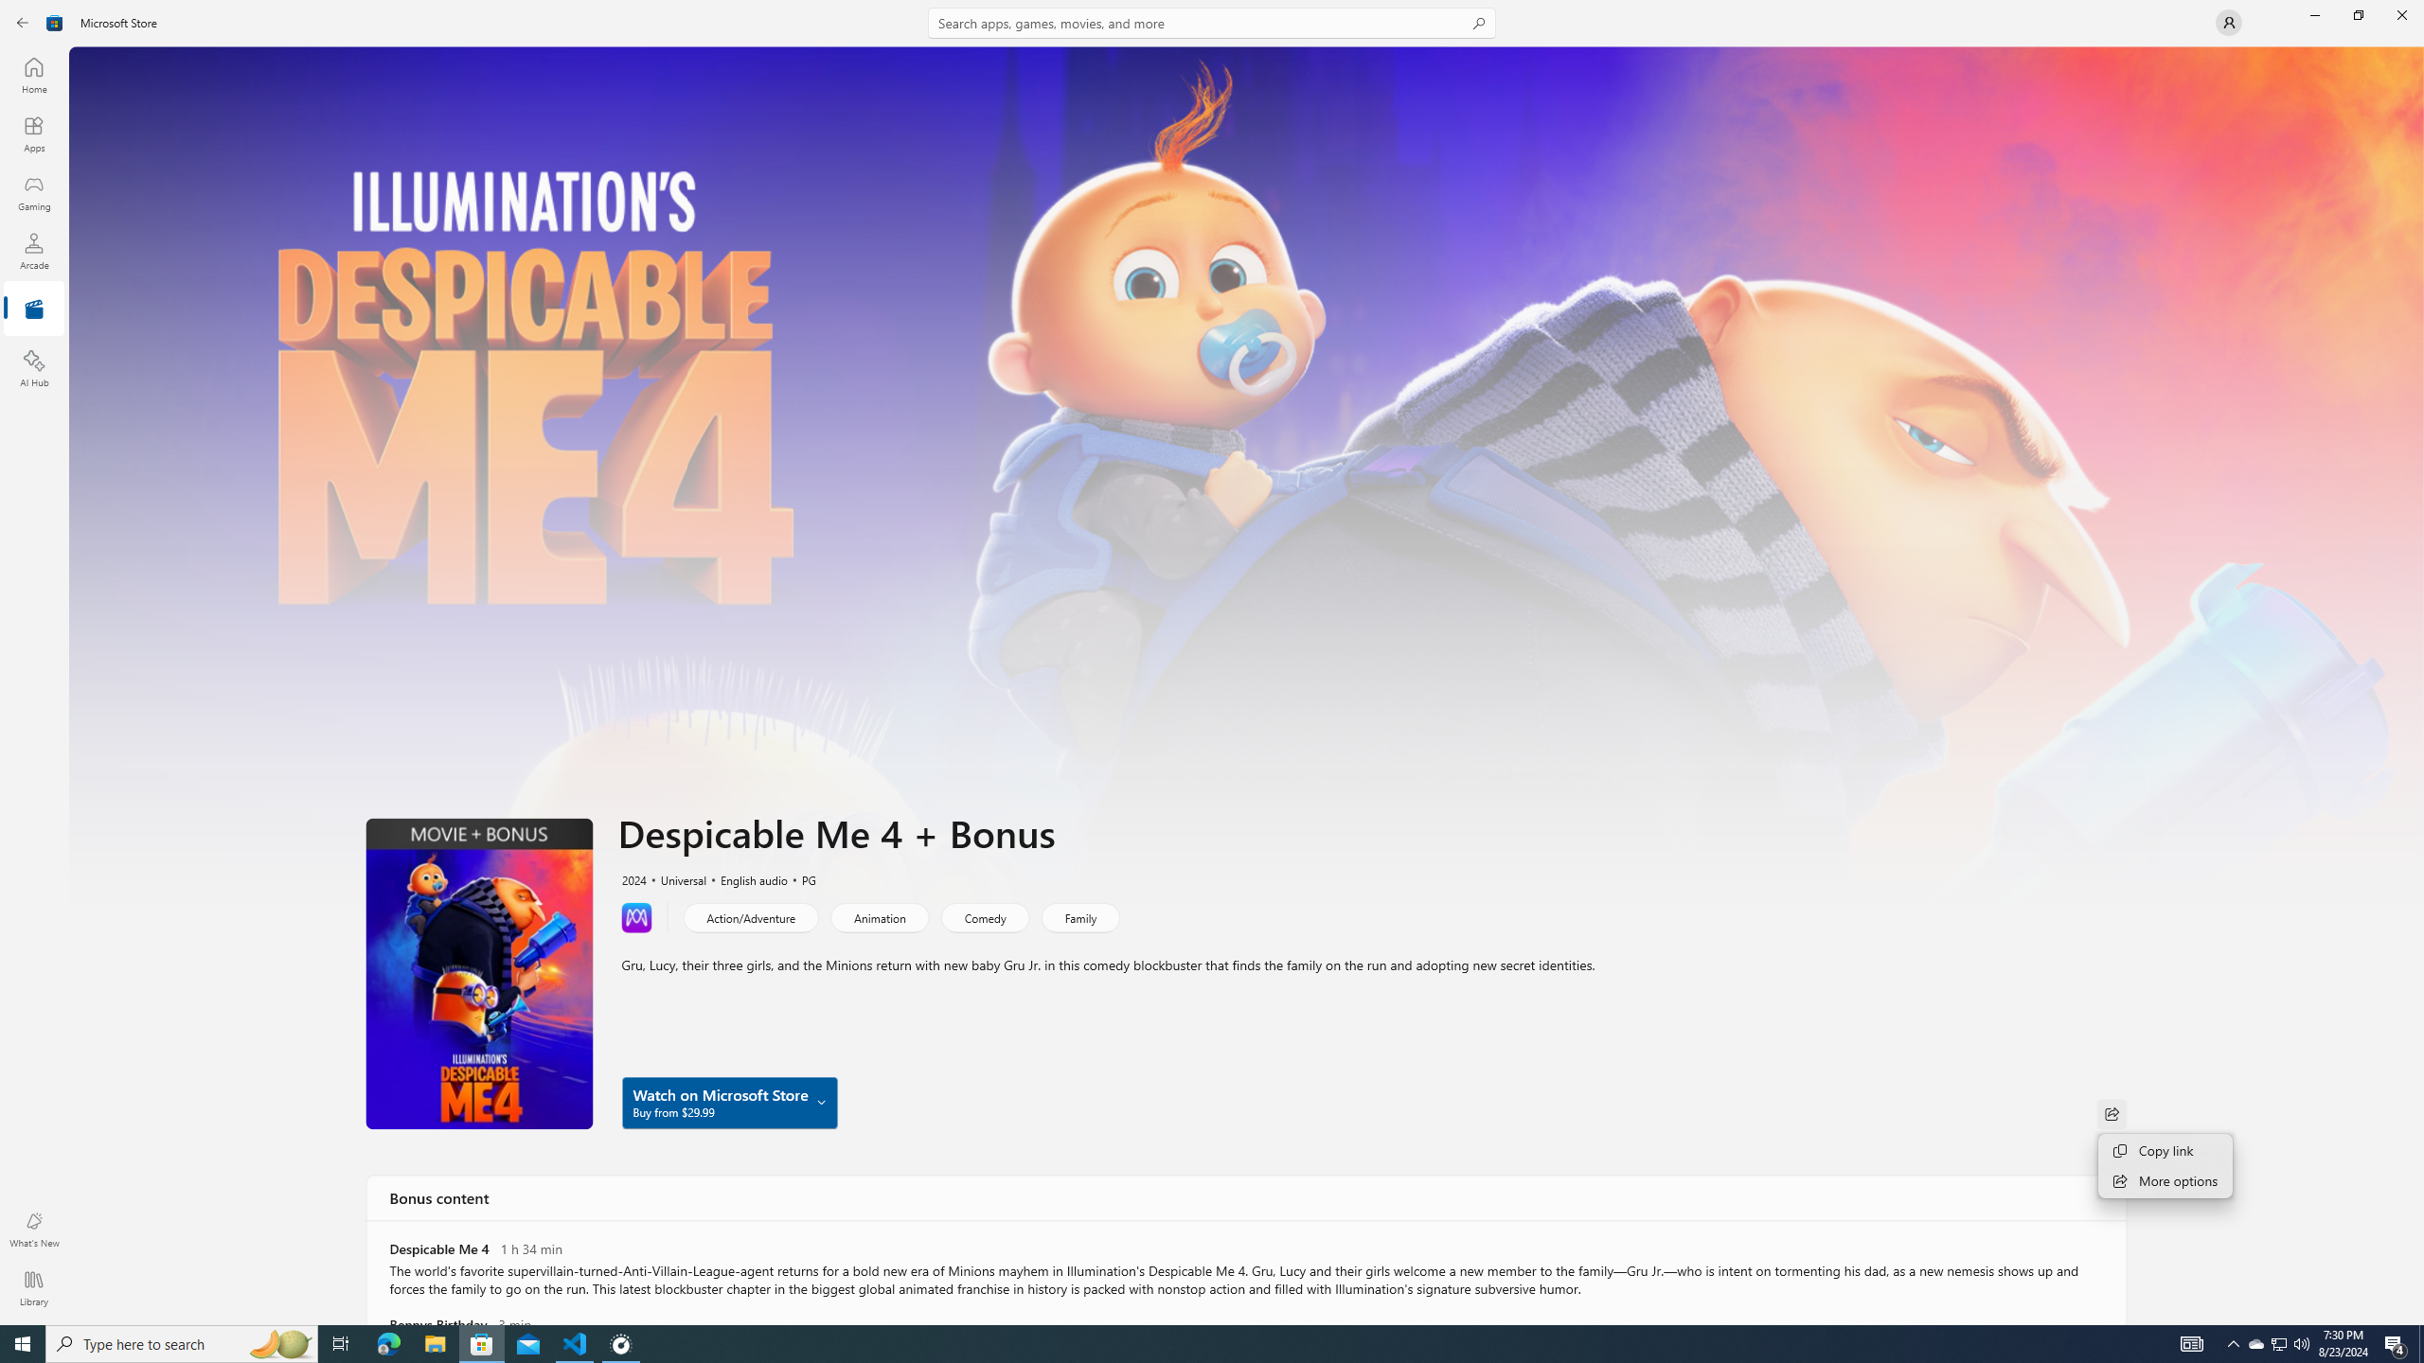  What do you see at coordinates (674, 877) in the screenshot?
I see `'Universal'` at bounding box center [674, 877].